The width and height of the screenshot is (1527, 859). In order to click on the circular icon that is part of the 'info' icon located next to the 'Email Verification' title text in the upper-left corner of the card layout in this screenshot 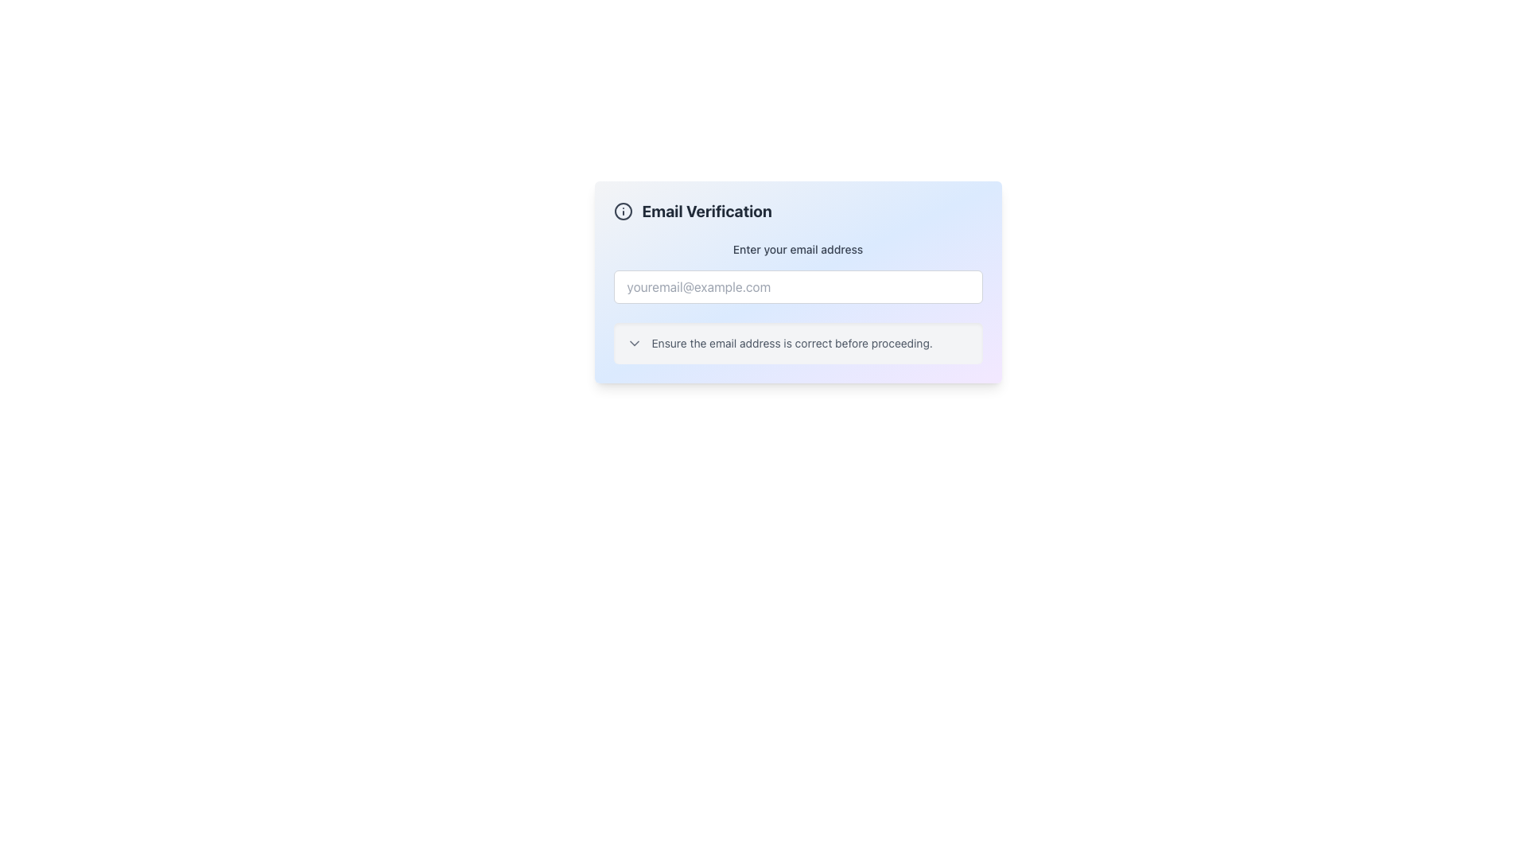, I will do `click(622, 211)`.